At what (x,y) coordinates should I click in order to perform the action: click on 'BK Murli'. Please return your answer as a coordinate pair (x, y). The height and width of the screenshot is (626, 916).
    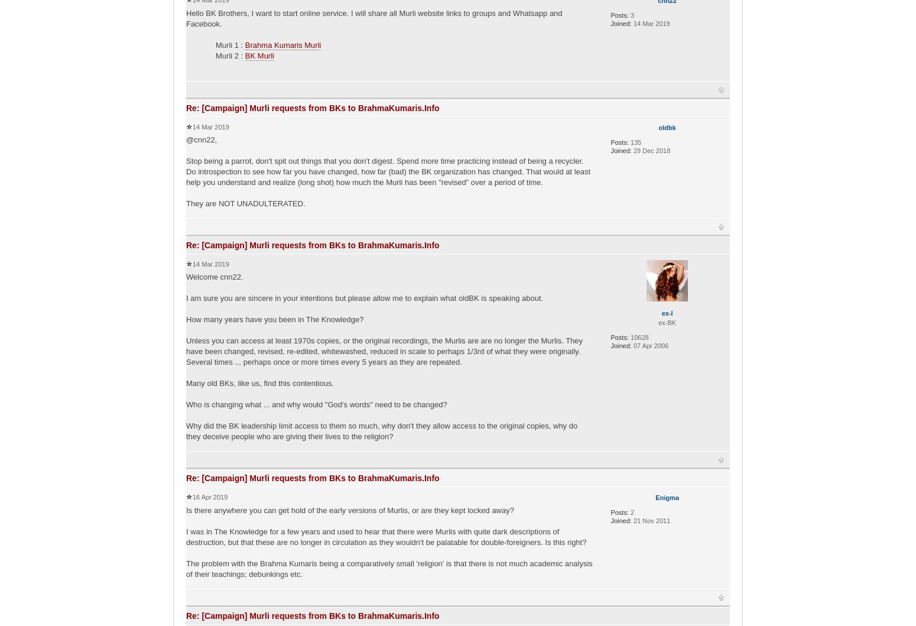
    Looking at the image, I should click on (259, 55).